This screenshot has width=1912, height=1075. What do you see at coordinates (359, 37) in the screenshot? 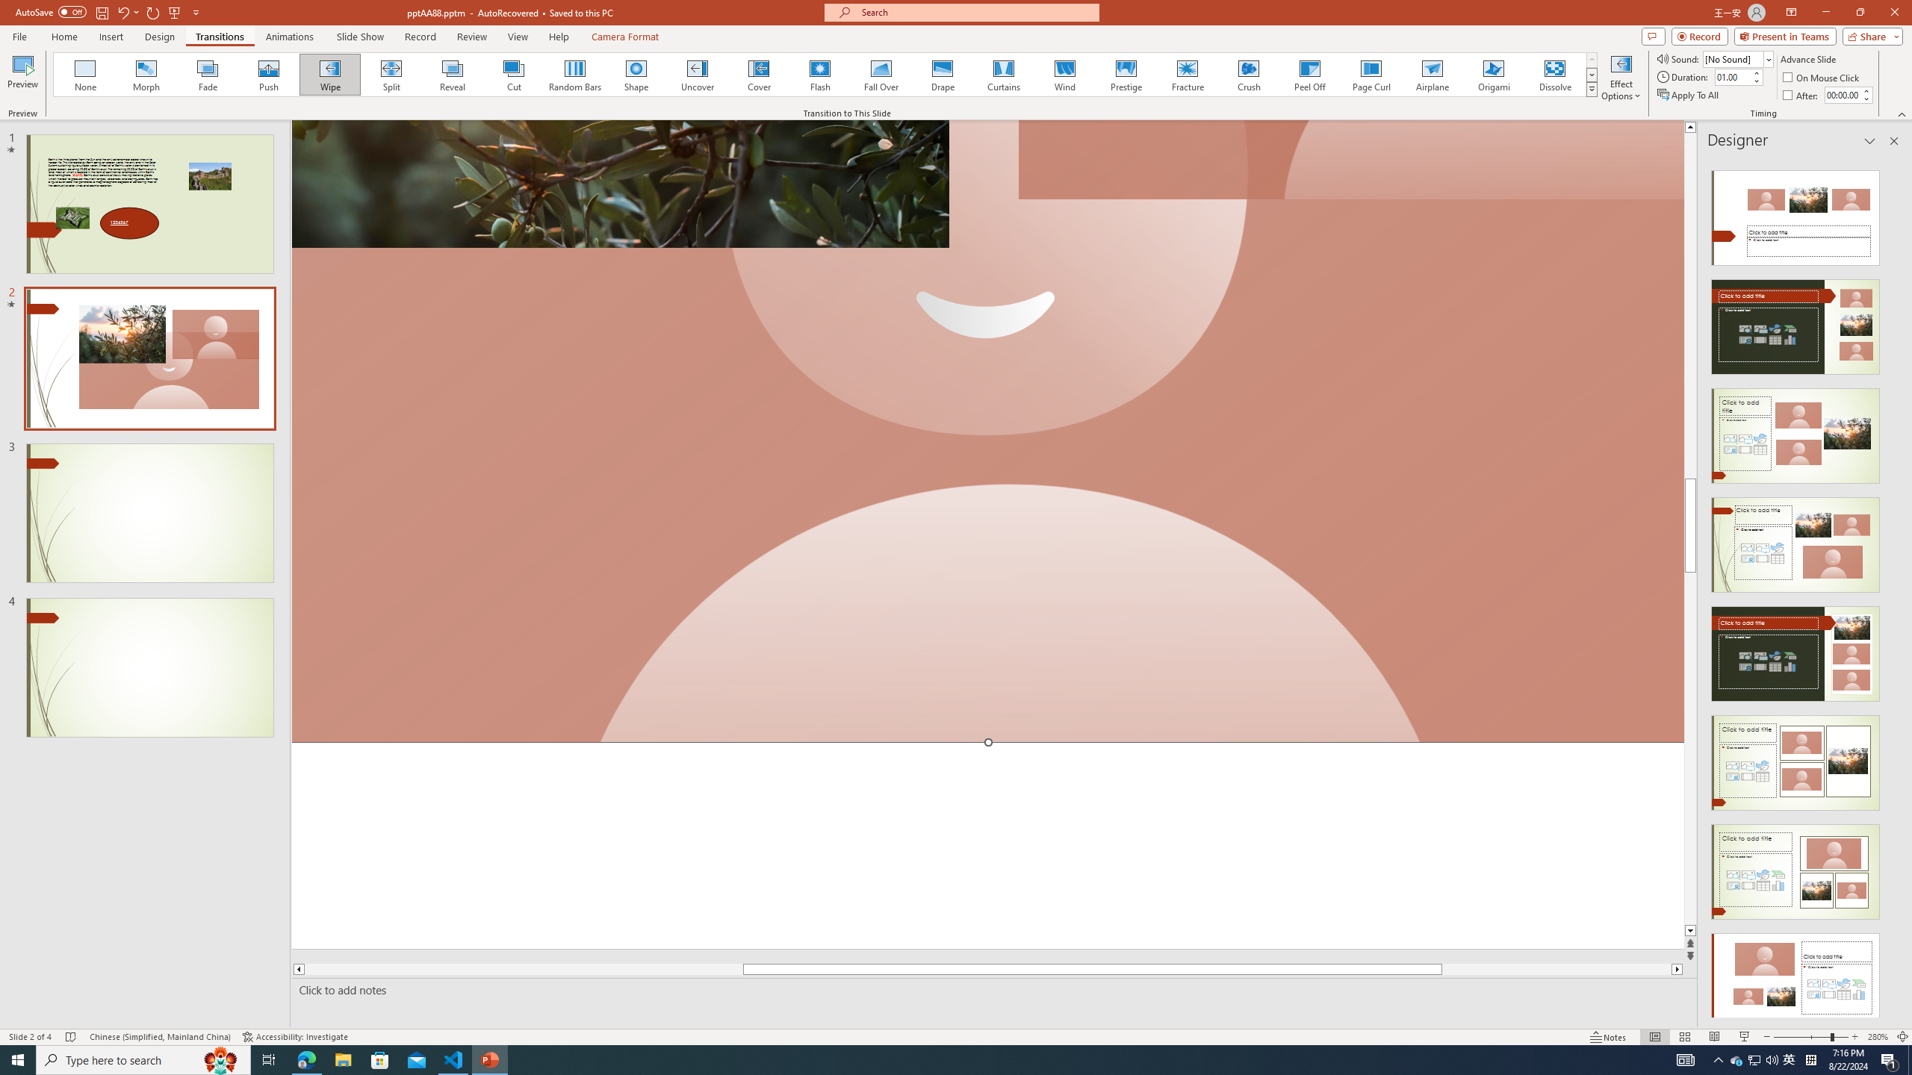
I see `'Slide Show'` at bounding box center [359, 37].